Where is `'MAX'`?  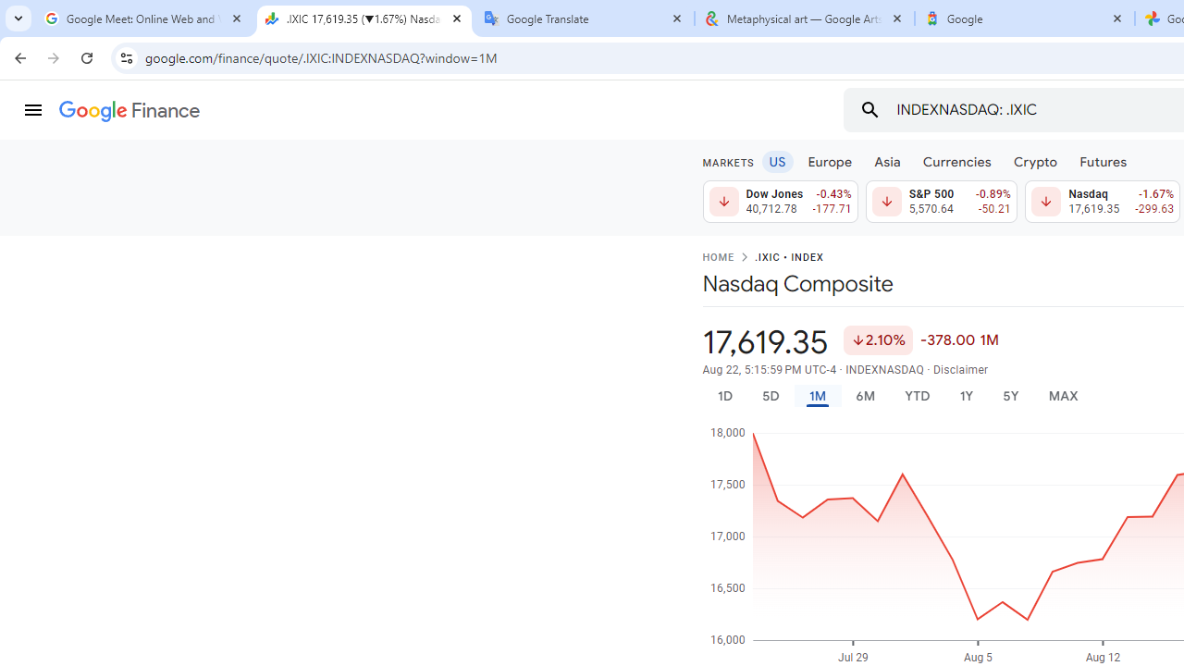
'MAX' is located at coordinates (1063, 395).